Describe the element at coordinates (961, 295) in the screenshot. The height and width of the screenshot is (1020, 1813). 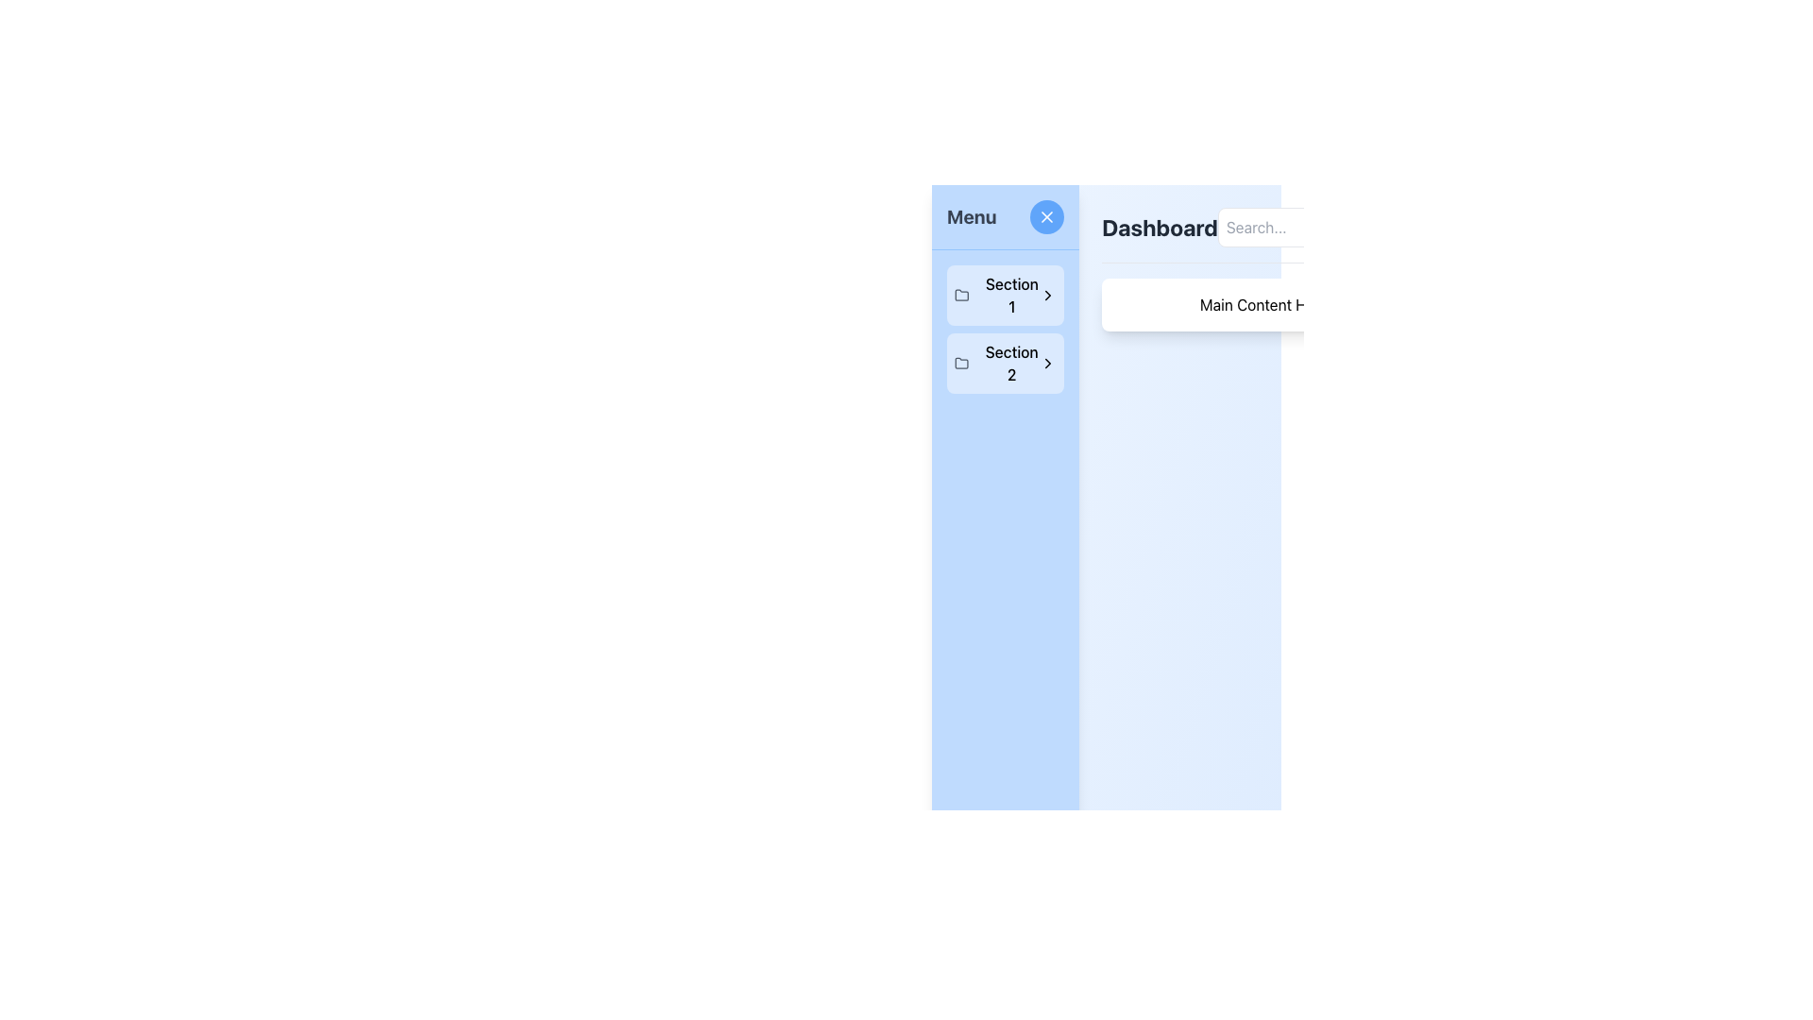
I see `the minimalist gray folder icon located in the left sidebar before the text 'Section 1' to check for any tooltip appearance` at that location.